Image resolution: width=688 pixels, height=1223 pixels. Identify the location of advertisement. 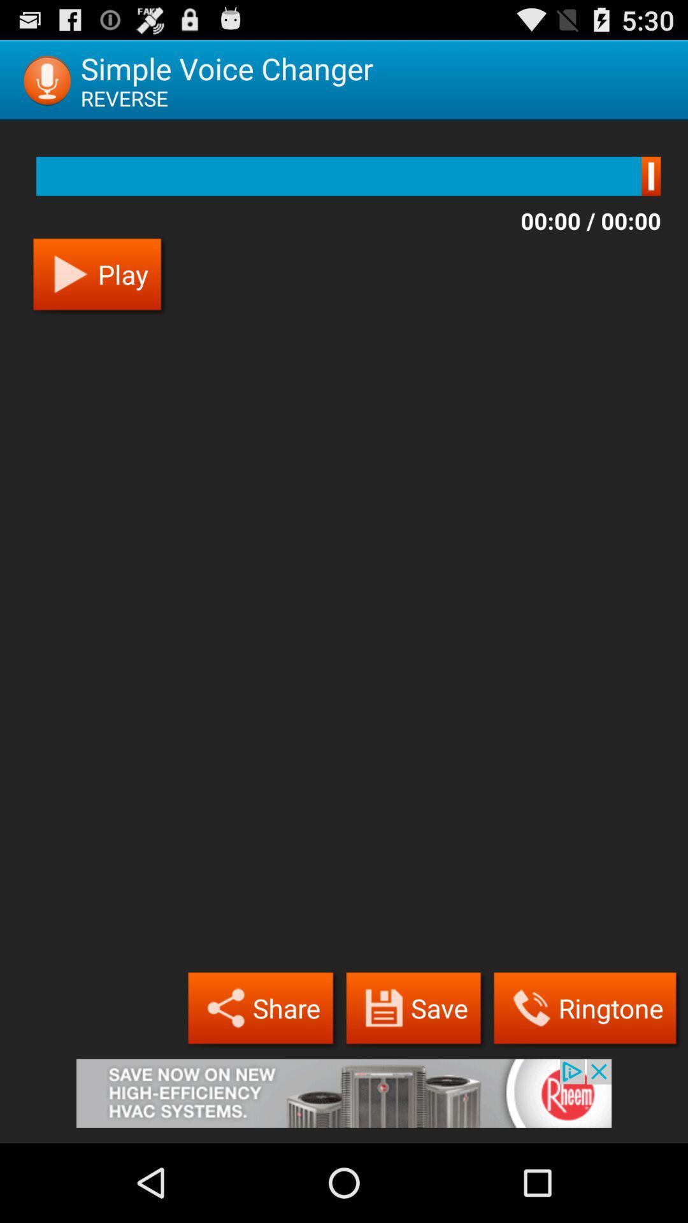
(344, 1100).